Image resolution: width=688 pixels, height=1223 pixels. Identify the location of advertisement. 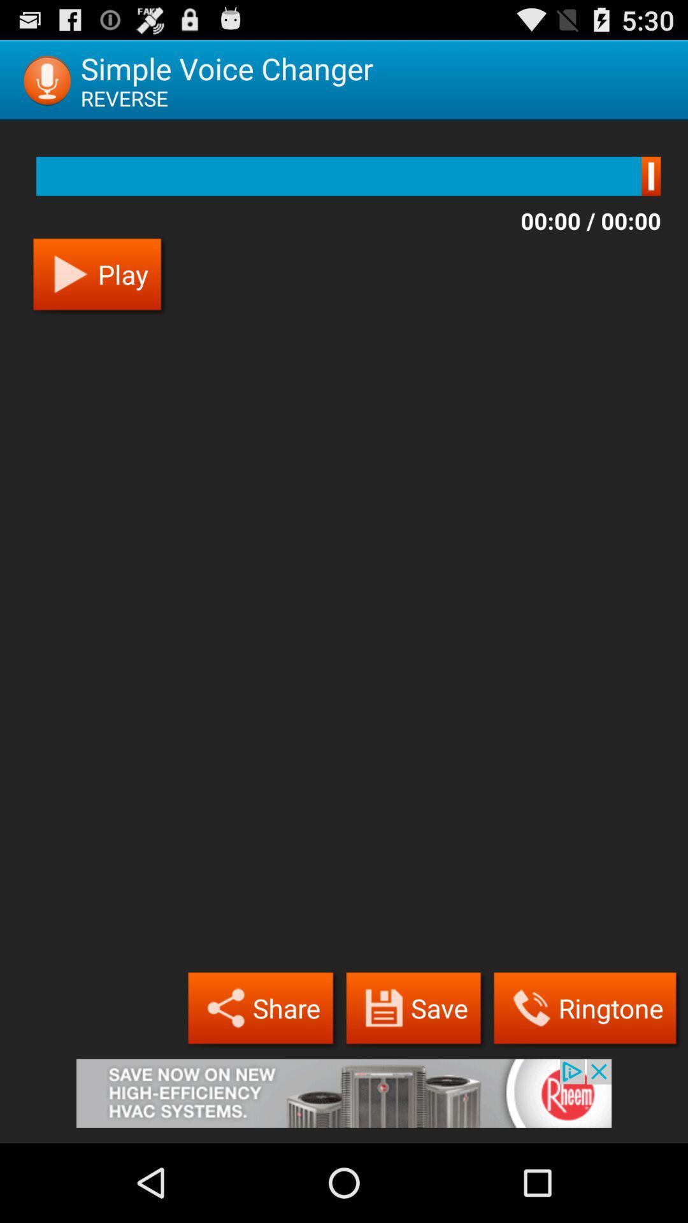
(344, 1100).